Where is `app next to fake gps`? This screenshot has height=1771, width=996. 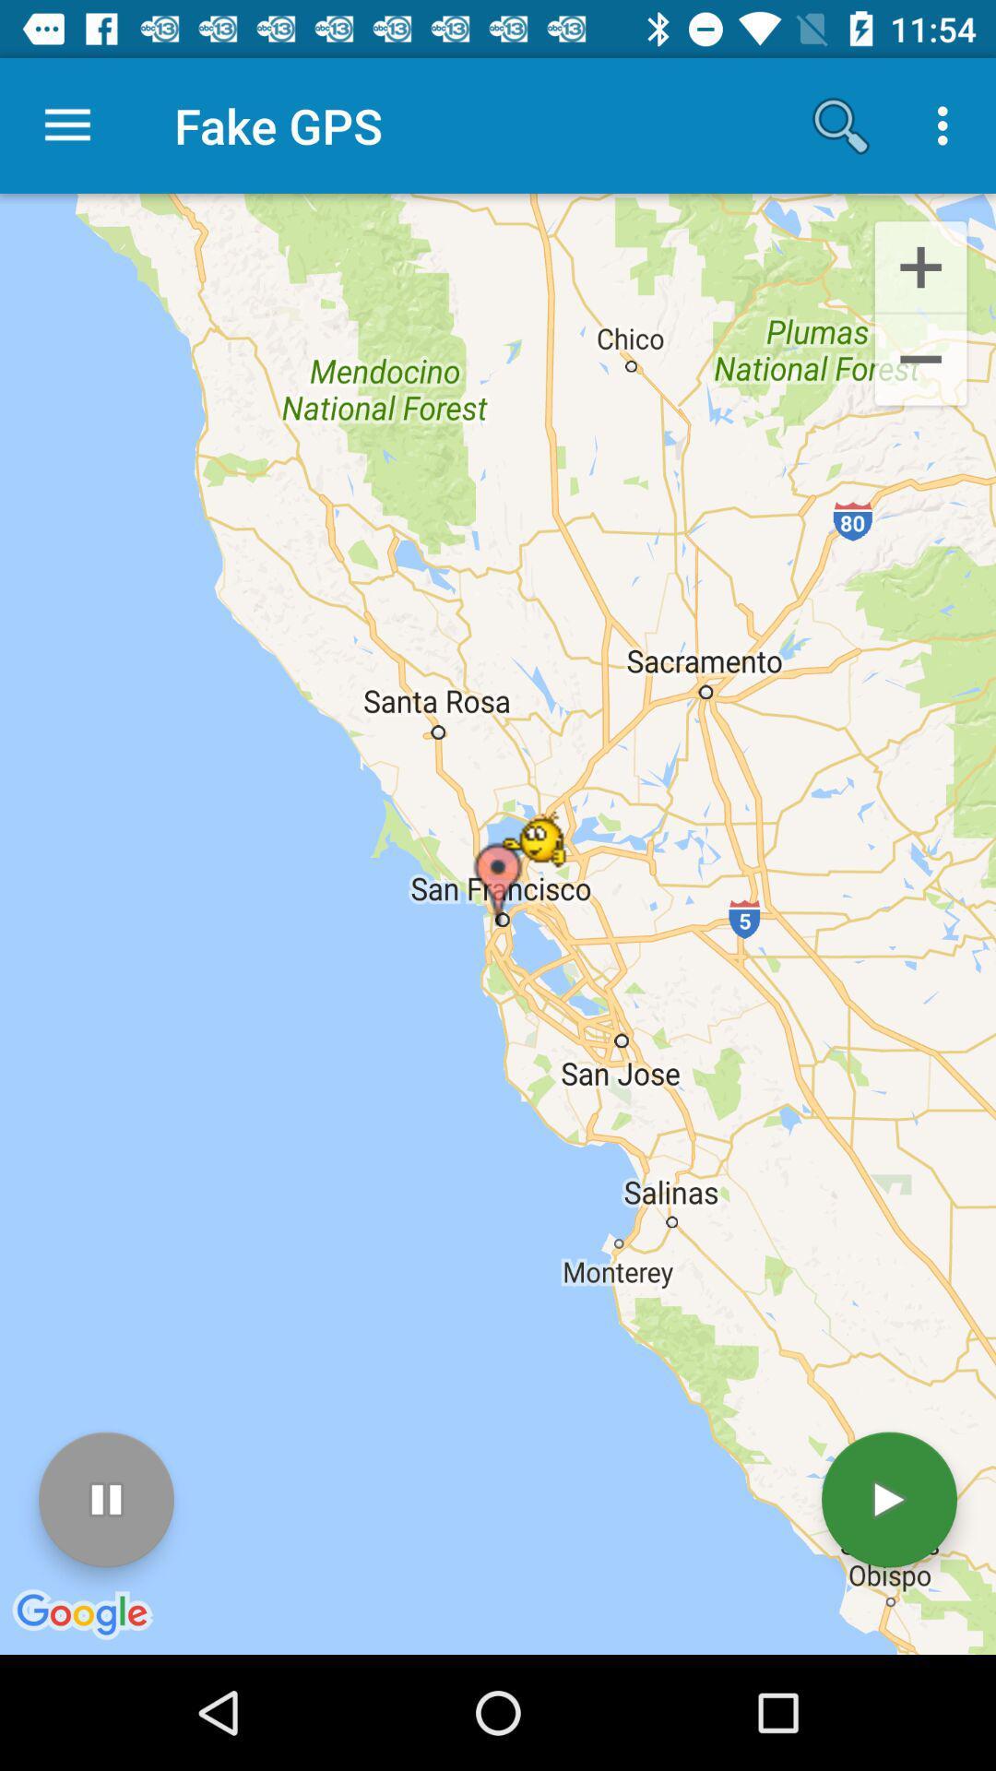
app next to fake gps is located at coordinates (840, 125).